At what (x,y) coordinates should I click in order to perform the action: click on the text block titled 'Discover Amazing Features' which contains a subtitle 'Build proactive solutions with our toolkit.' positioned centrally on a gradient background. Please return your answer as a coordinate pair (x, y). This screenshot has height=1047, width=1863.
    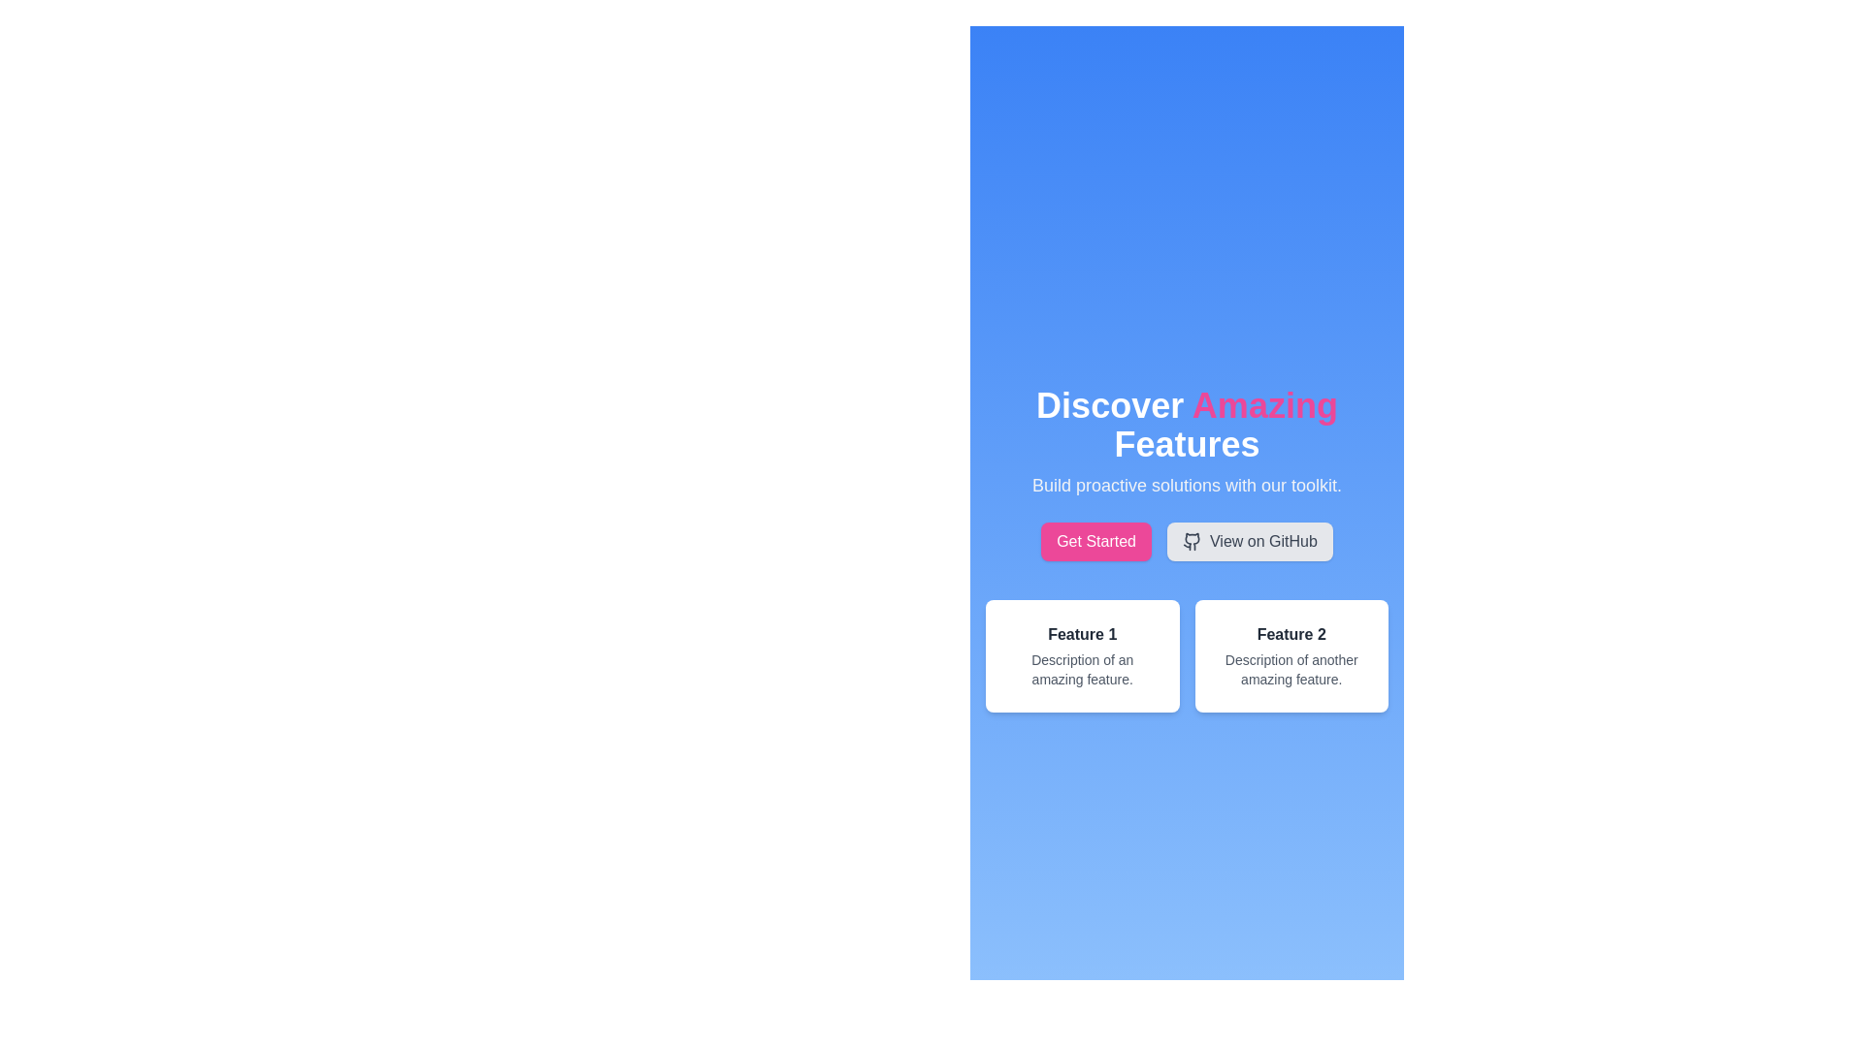
    Looking at the image, I should click on (1186, 442).